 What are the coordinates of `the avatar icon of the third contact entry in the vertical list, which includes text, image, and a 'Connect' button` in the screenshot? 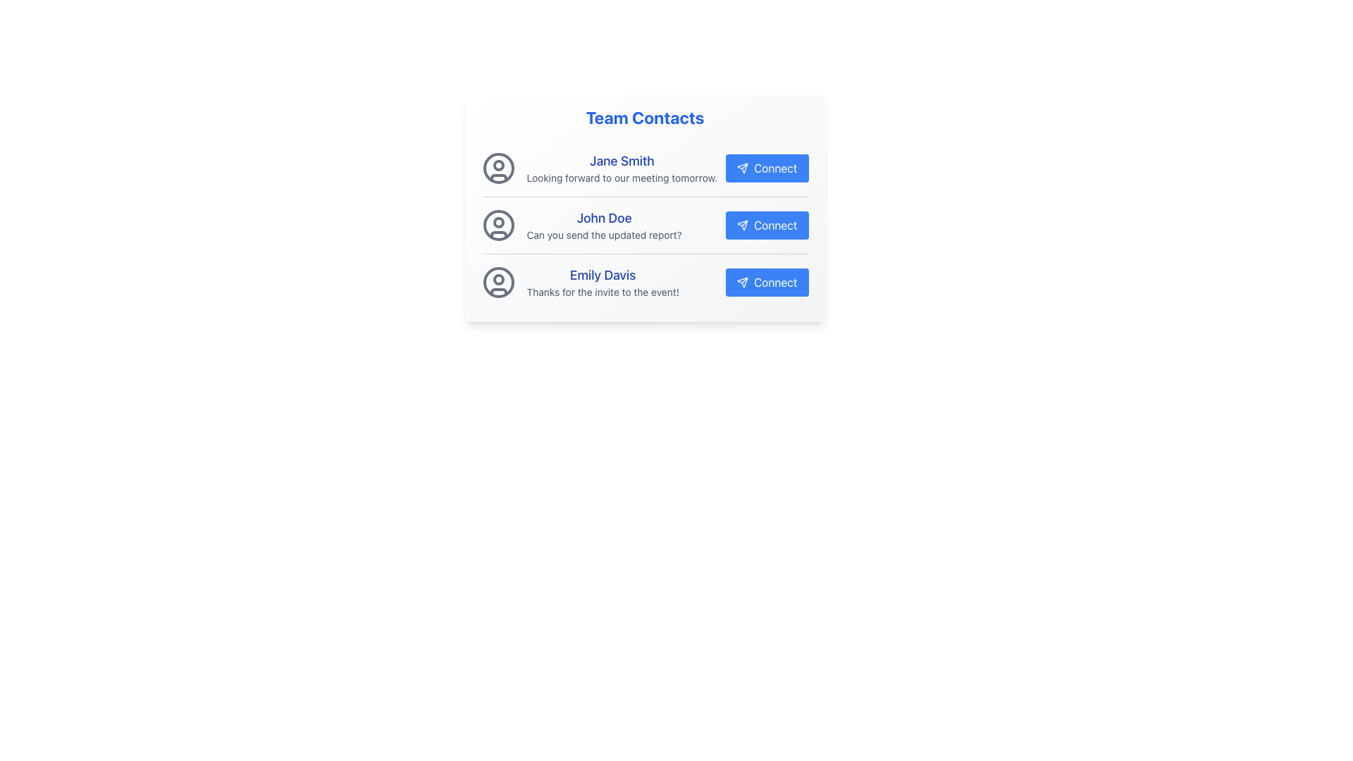 It's located at (644, 283).